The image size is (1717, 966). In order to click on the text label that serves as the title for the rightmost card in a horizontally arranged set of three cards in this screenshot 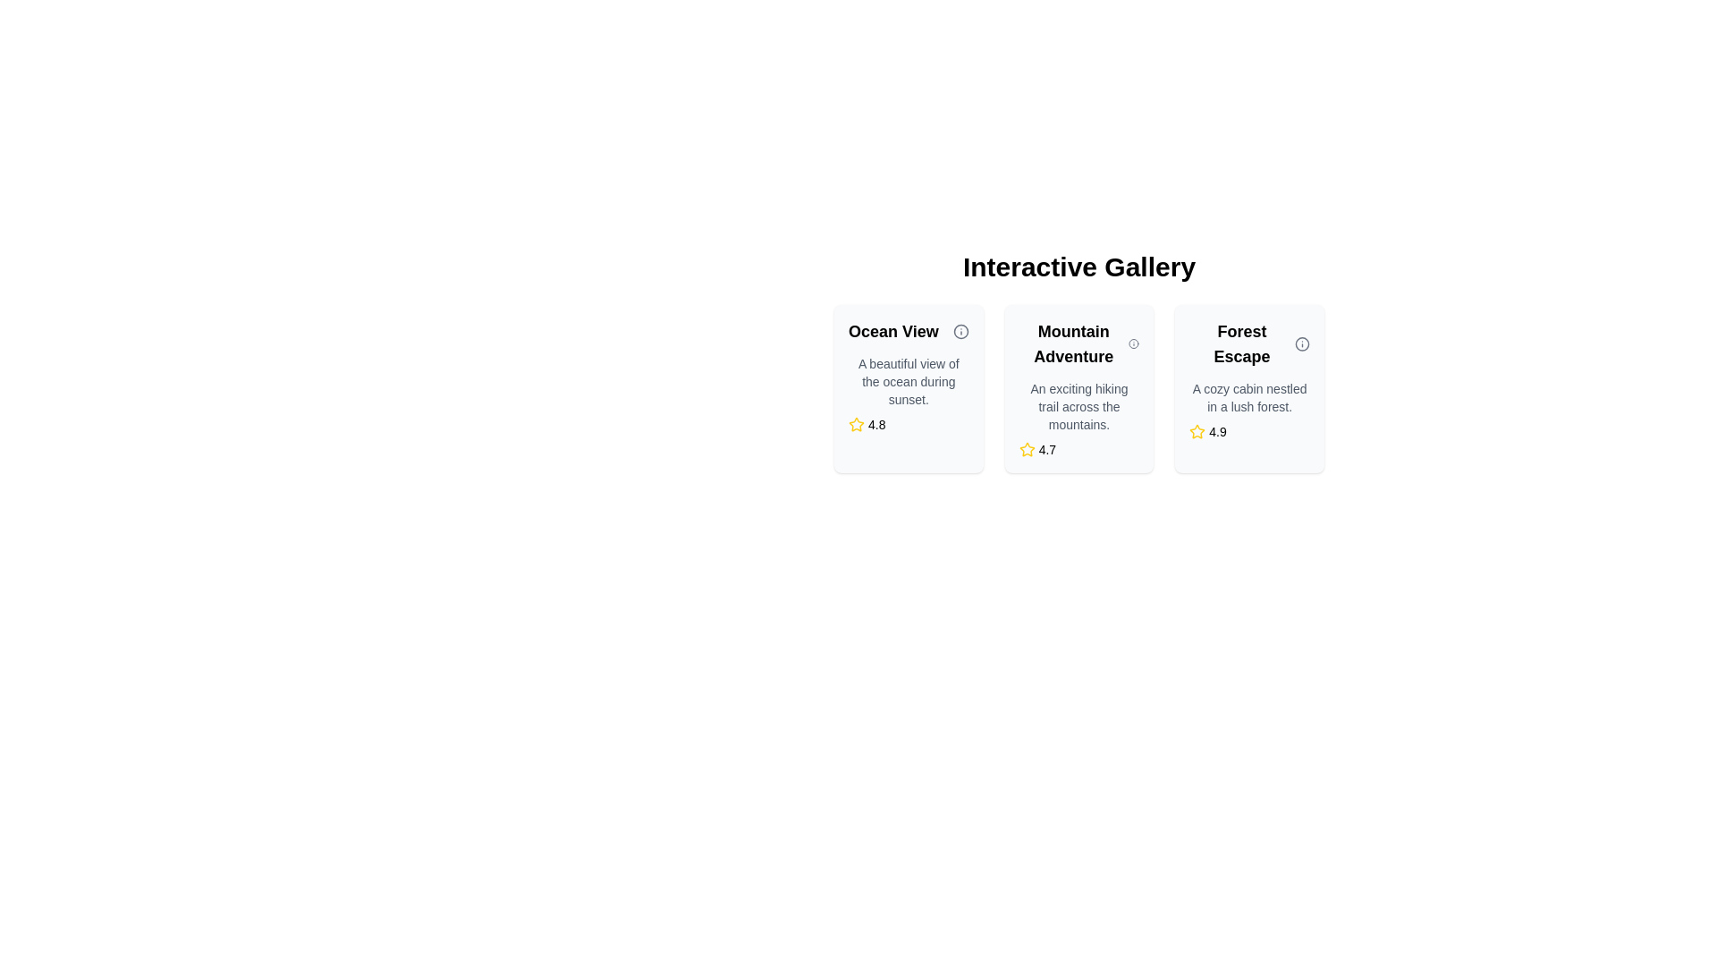, I will do `click(1241, 344)`.